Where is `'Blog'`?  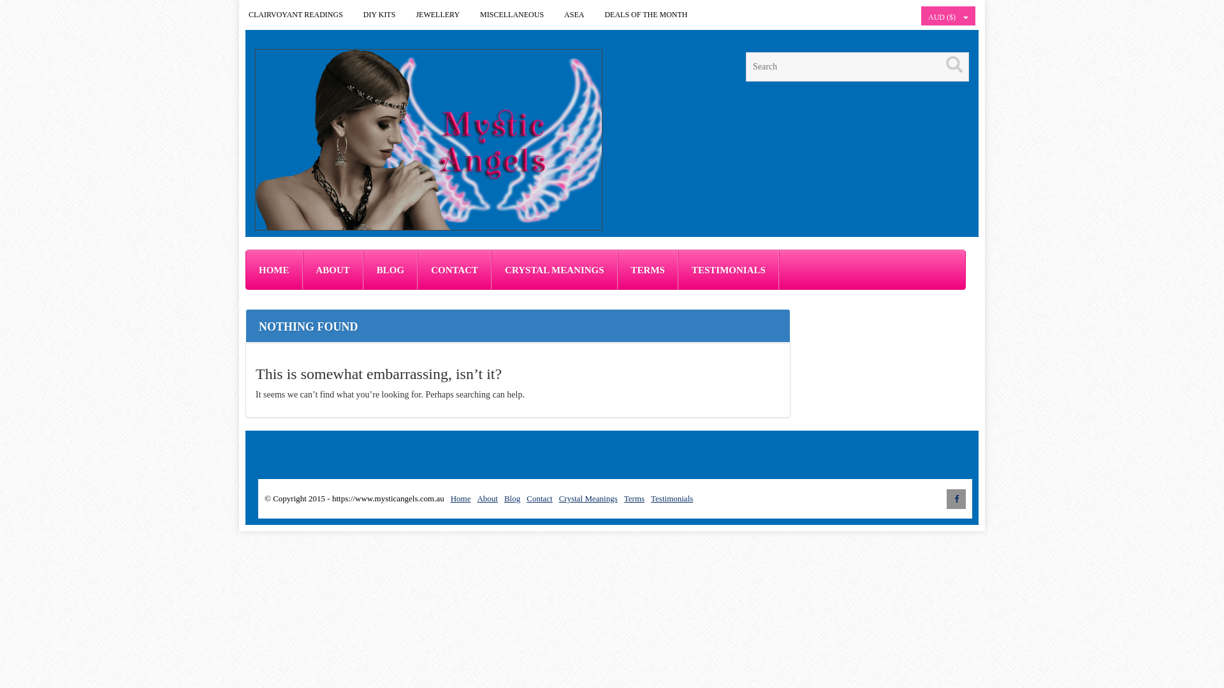
'Blog' is located at coordinates (512, 498).